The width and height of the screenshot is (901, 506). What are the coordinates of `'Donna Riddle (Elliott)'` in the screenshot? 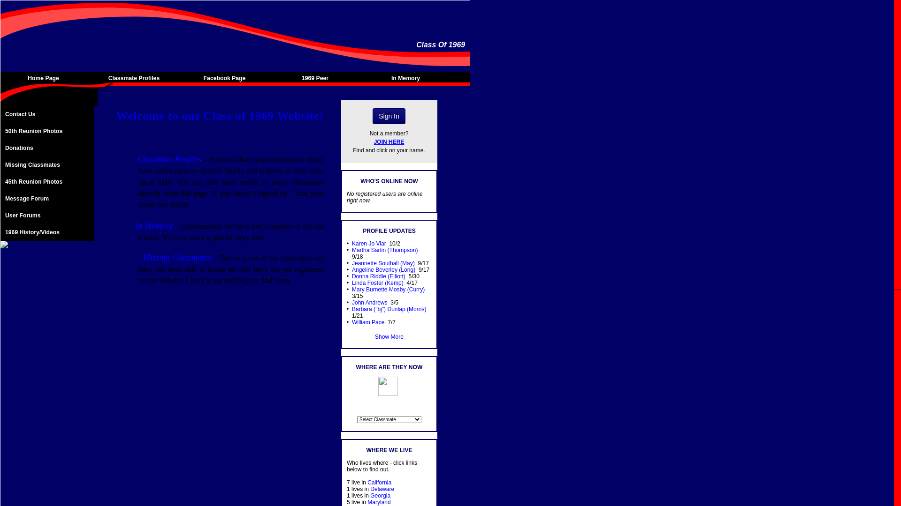 It's located at (378, 276).